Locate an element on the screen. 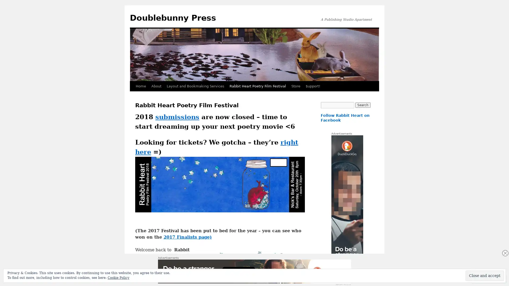 The width and height of the screenshot is (509, 286). Search is located at coordinates (362, 105).